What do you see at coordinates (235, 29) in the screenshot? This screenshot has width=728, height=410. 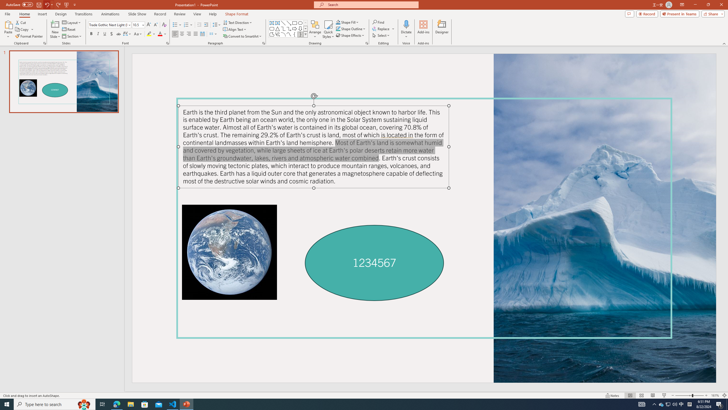 I see `'Align Text'` at bounding box center [235, 29].